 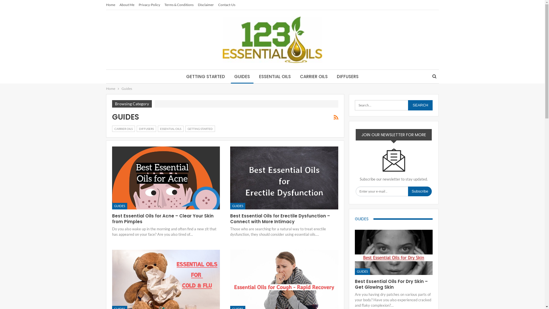 I want to click on 'Subscribe', so click(x=420, y=191).